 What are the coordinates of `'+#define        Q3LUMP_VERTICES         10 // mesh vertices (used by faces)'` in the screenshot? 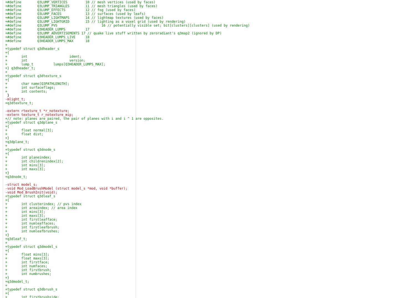 It's located at (80, 2).